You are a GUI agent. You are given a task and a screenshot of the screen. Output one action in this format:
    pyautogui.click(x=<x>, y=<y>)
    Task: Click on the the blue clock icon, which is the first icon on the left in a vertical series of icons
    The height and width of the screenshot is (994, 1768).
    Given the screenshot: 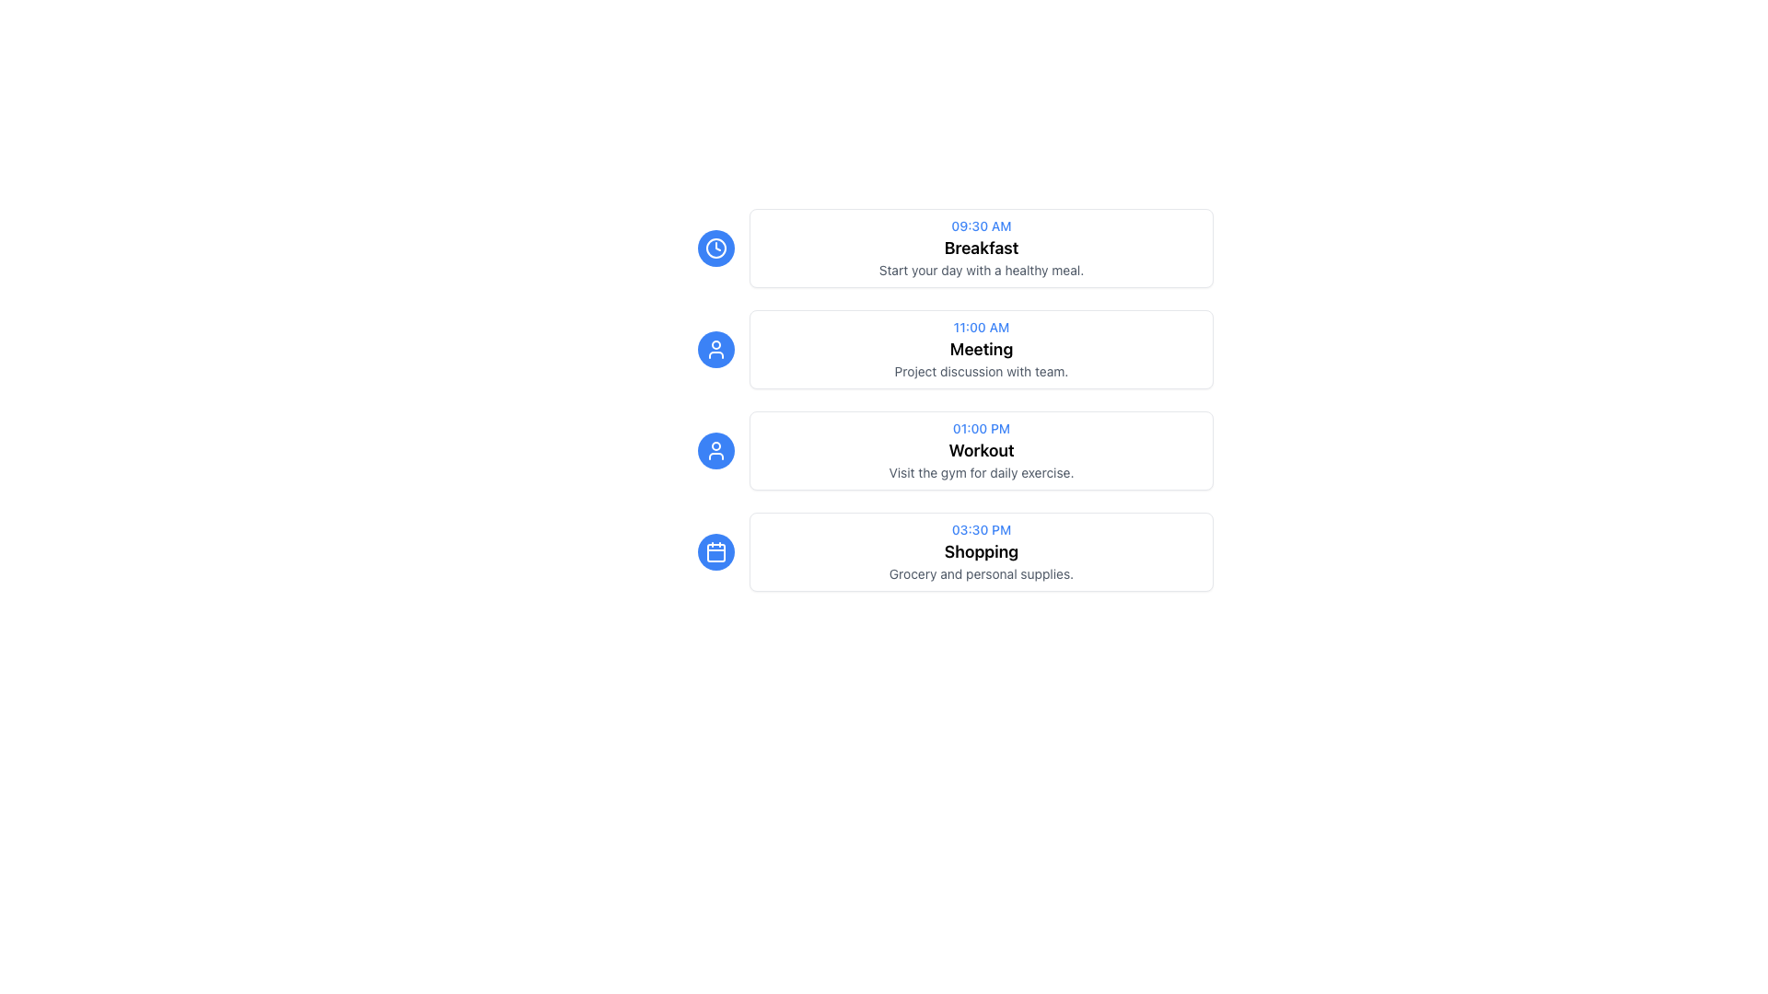 What is the action you would take?
    pyautogui.click(x=715, y=248)
    